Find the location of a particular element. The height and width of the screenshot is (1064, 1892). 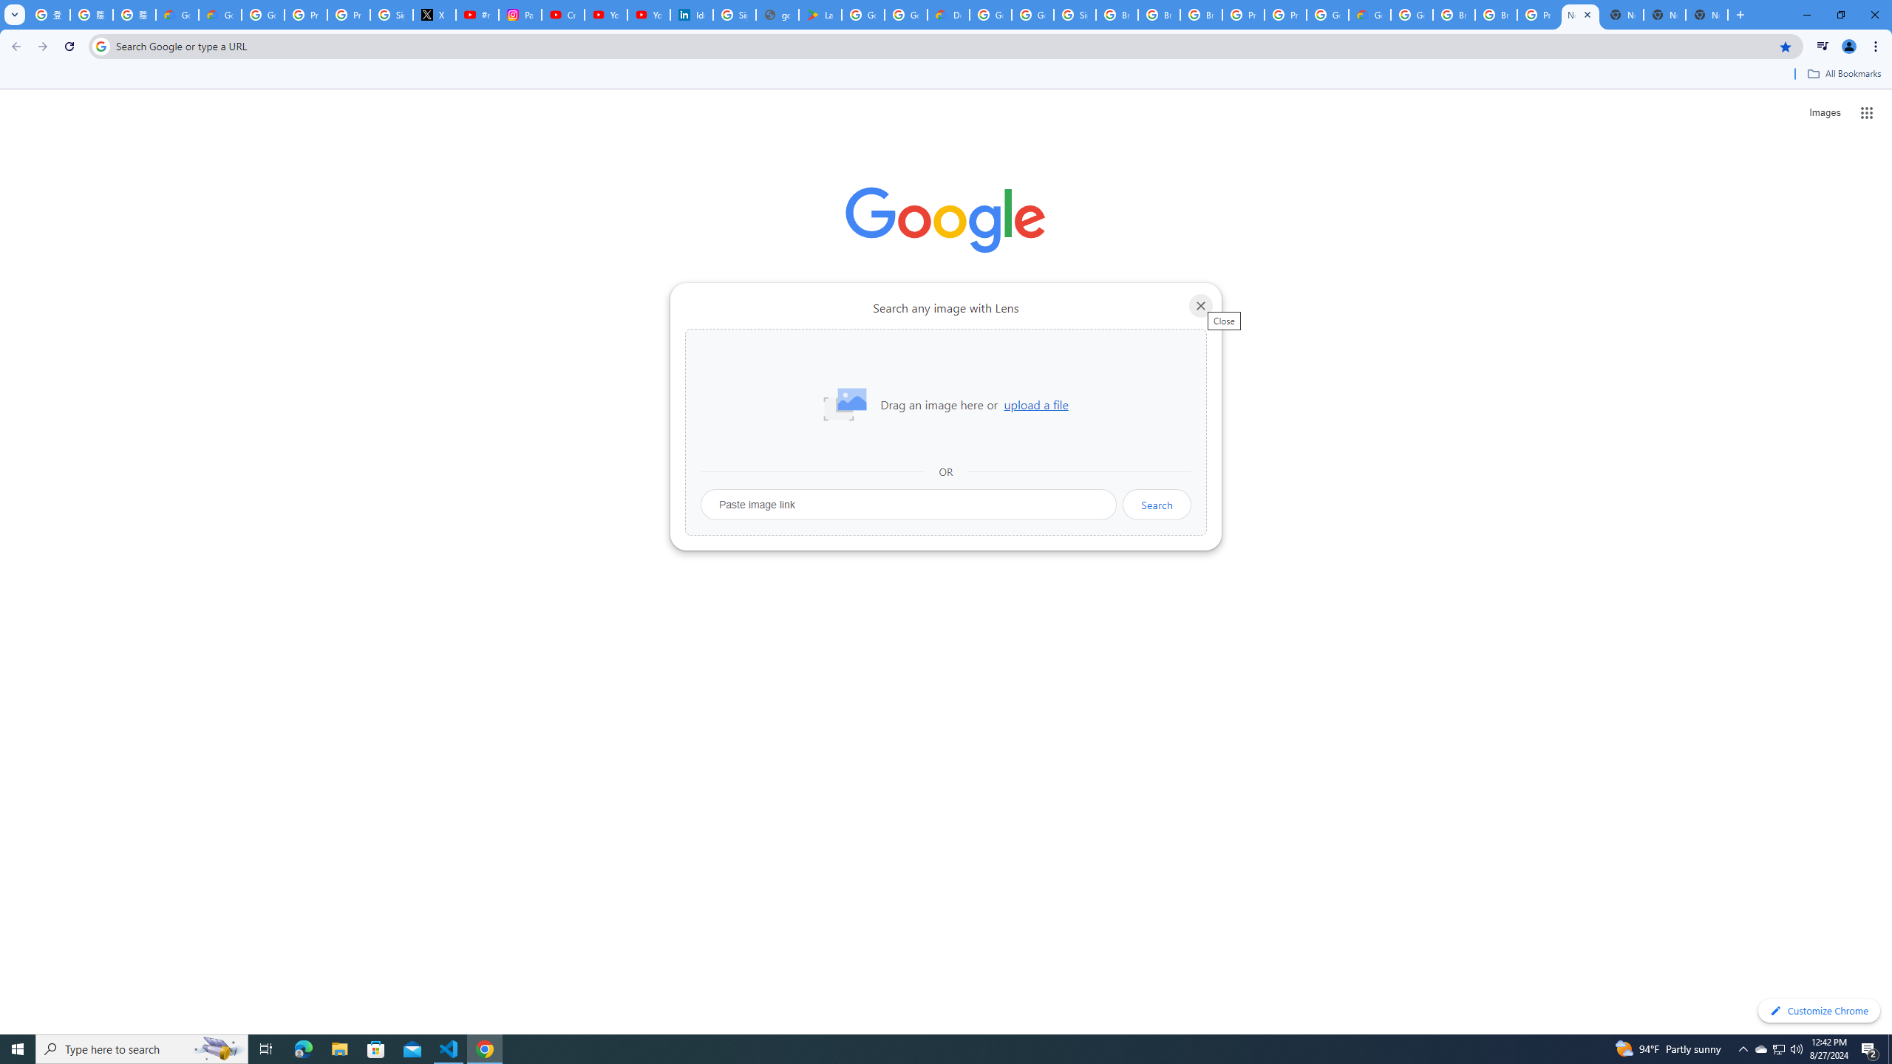

'All Bookmarks' is located at coordinates (1843, 73).